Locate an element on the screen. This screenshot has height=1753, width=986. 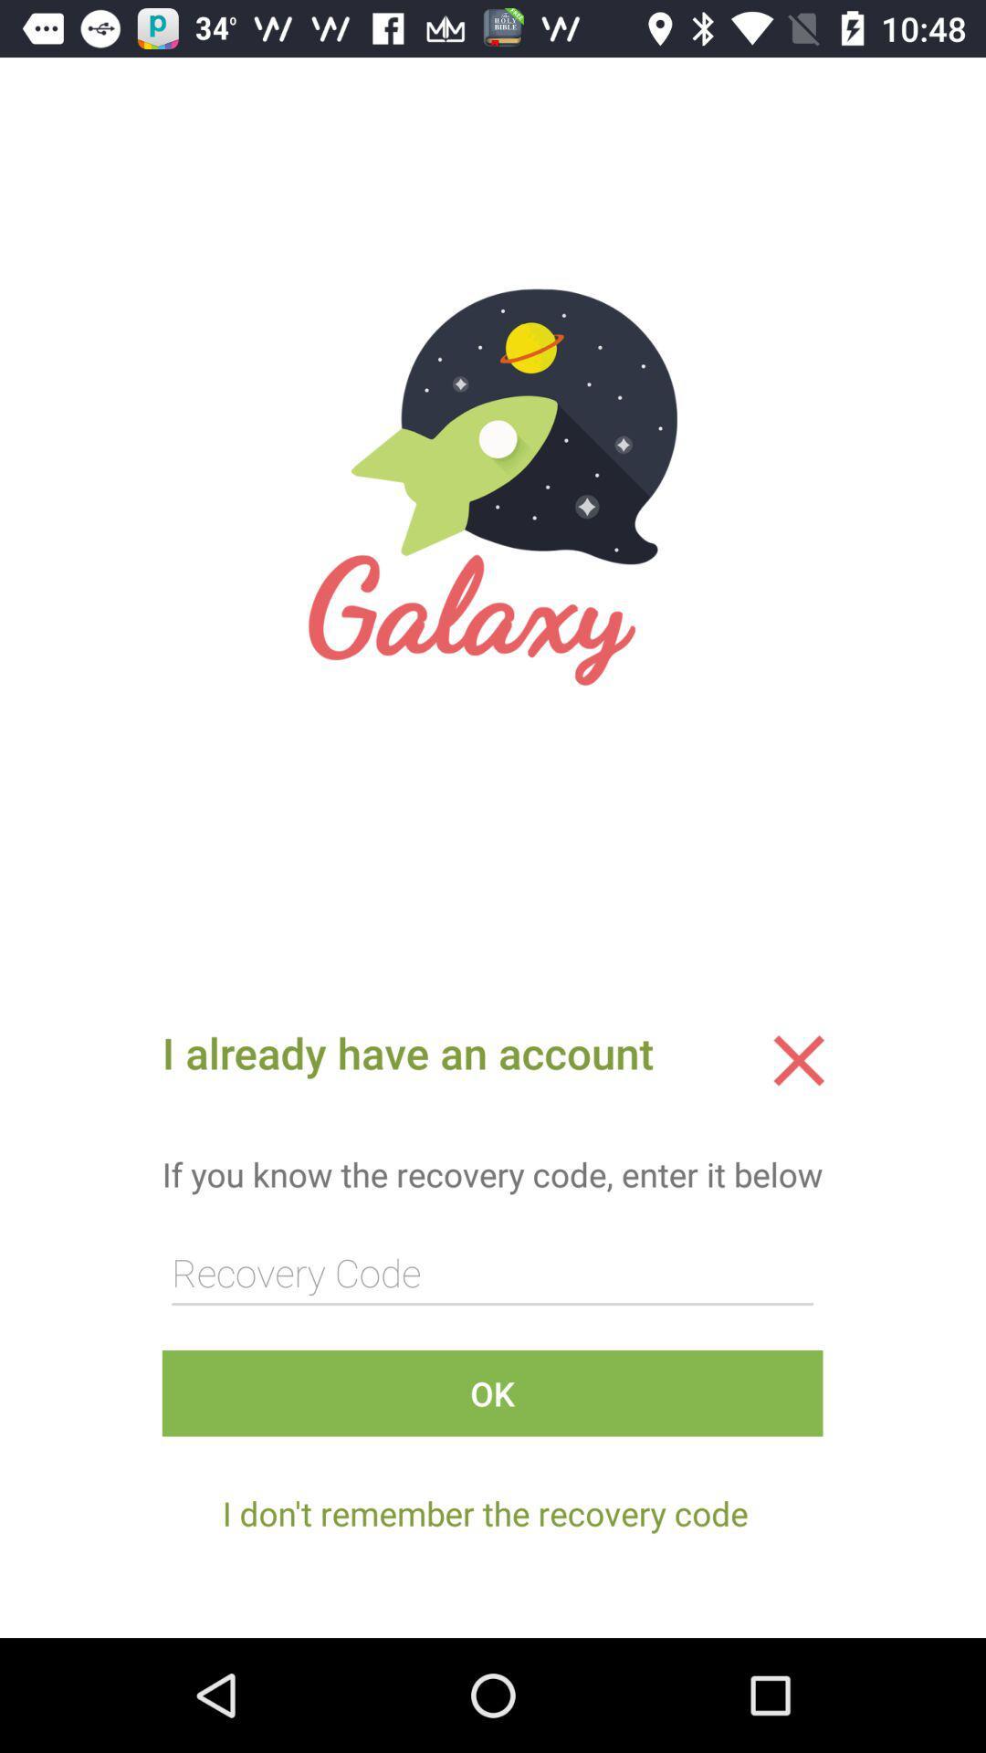
cancel option is located at coordinates (798, 1060).